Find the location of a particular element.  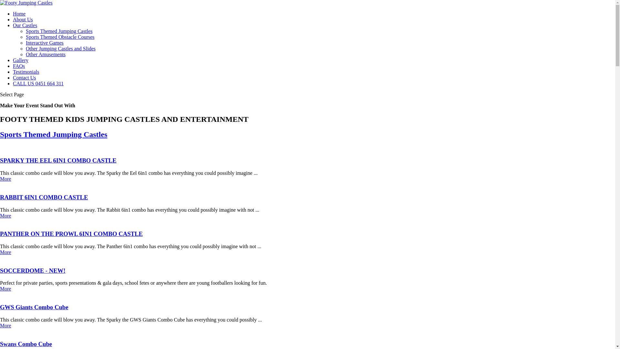

'Gallery' is located at coordinates (20, 60).